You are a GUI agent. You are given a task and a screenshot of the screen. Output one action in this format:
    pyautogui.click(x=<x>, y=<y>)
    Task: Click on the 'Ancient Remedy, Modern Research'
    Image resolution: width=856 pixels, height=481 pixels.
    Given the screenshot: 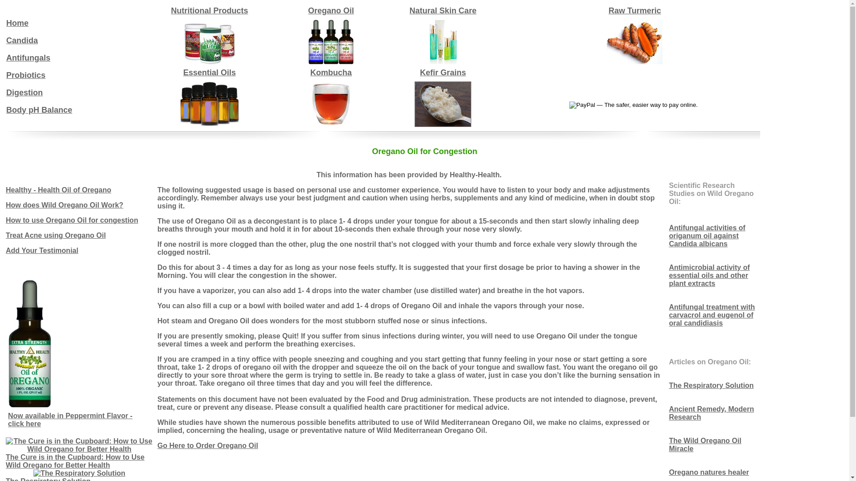 What is the action you would take?
    pyautogui.click(x=711, y=413)
    